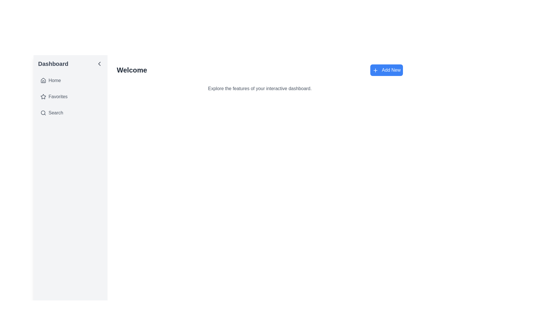 This screenshot has height=312, width=555. What do you see at coordinates (391, 70) in the screenshot?
I see `text from the Text Label that indicates the action of adding a new item, located to the right of the '+' icon` at bounding box center [391, 70].